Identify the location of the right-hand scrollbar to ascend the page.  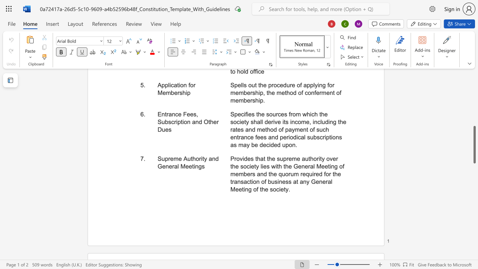
(474, 82).